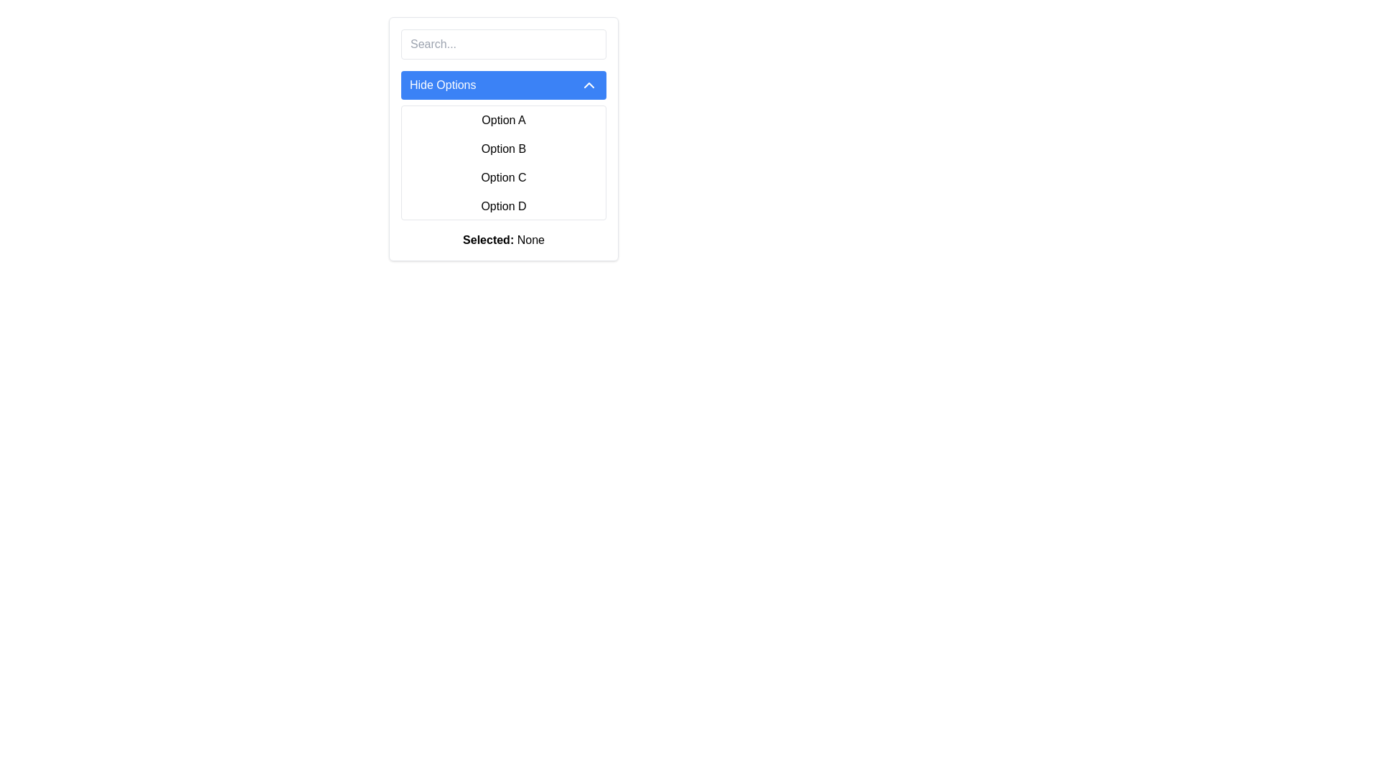  I want to click on the text label displaying 'Option B', so click(503, 149).